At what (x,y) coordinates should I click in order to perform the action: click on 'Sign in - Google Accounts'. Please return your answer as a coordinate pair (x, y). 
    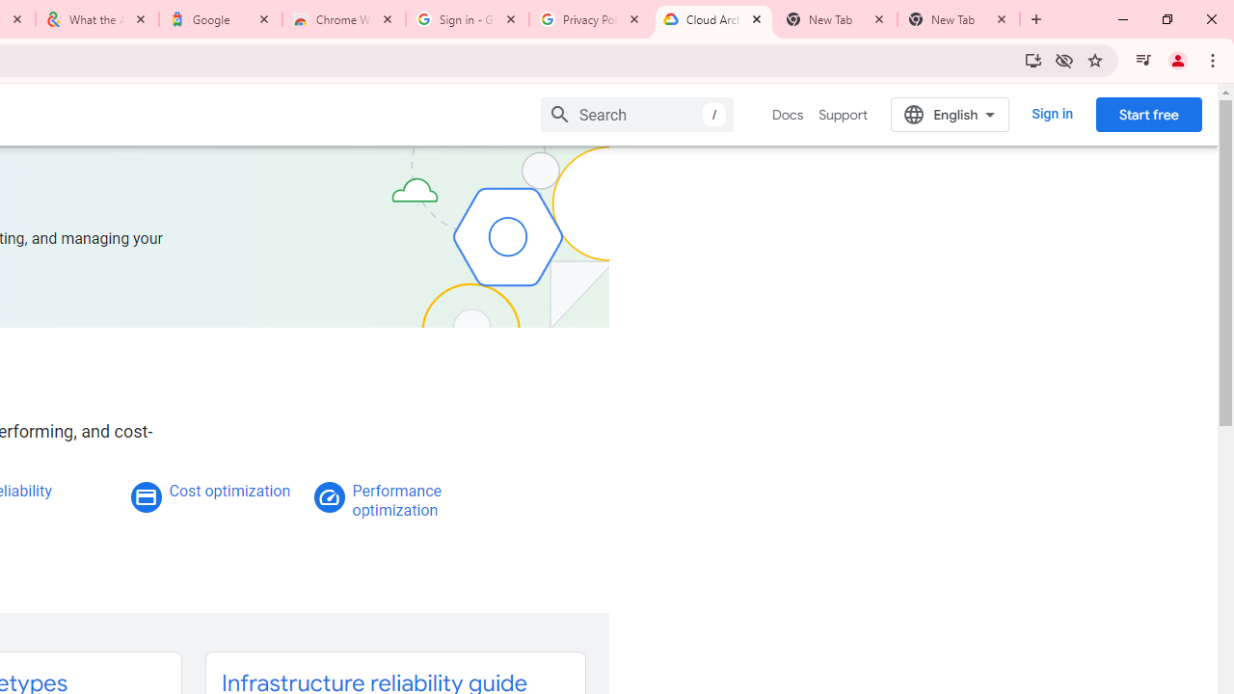
    Looking at the image, I should click on (468, 19).